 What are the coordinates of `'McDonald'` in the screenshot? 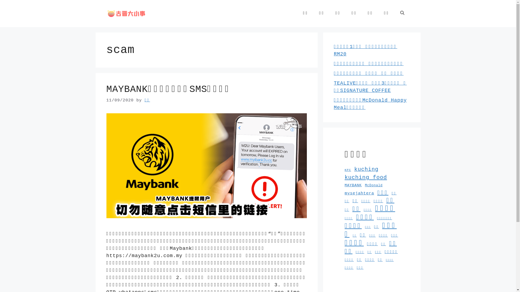 It's located at (373, 185).